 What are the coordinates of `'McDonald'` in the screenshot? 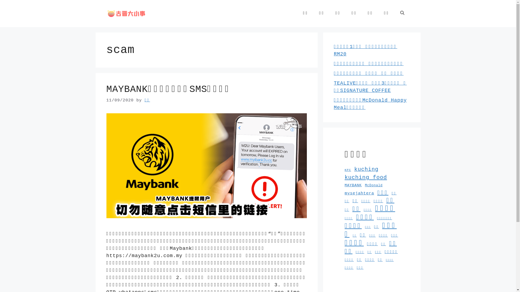 It's located at (373, 185).